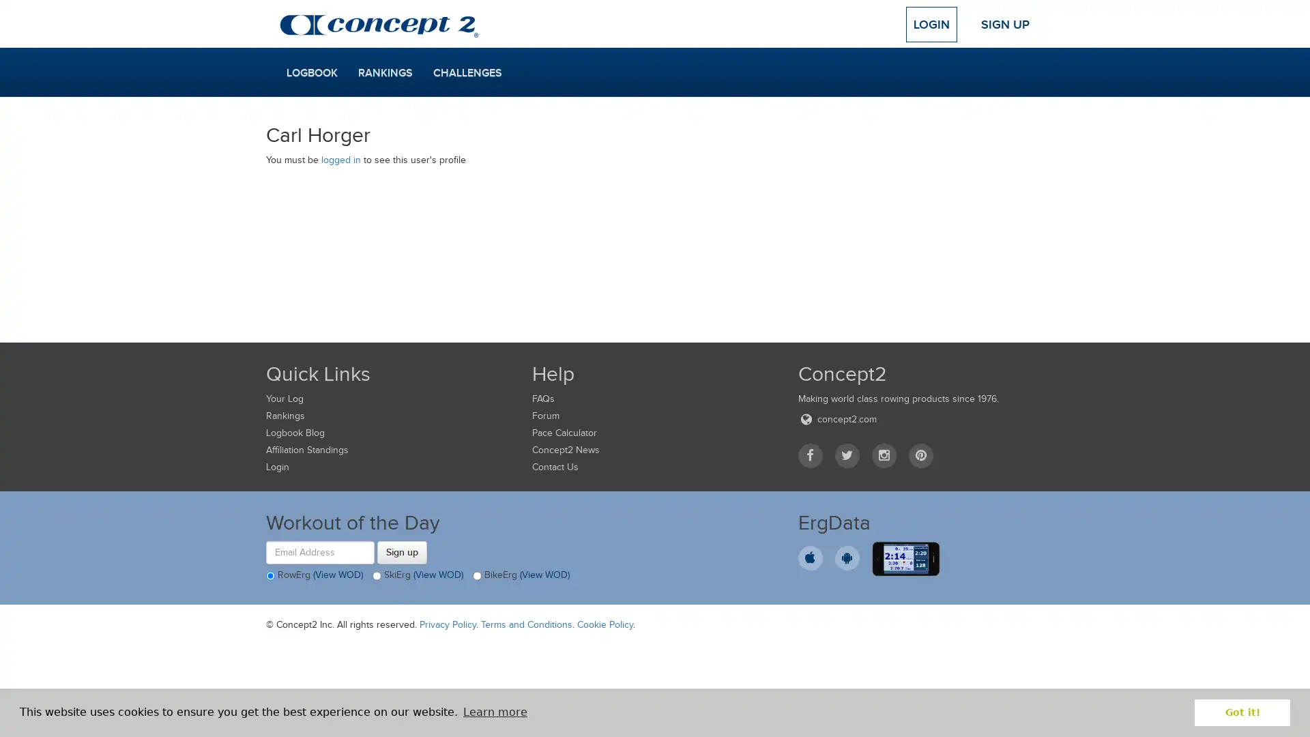 The image size is (1310, 737). What do you see at coordinates (1242, 712) in the screenshot?
I see `dismiss cookie message` at bounding box center [1242, 712].